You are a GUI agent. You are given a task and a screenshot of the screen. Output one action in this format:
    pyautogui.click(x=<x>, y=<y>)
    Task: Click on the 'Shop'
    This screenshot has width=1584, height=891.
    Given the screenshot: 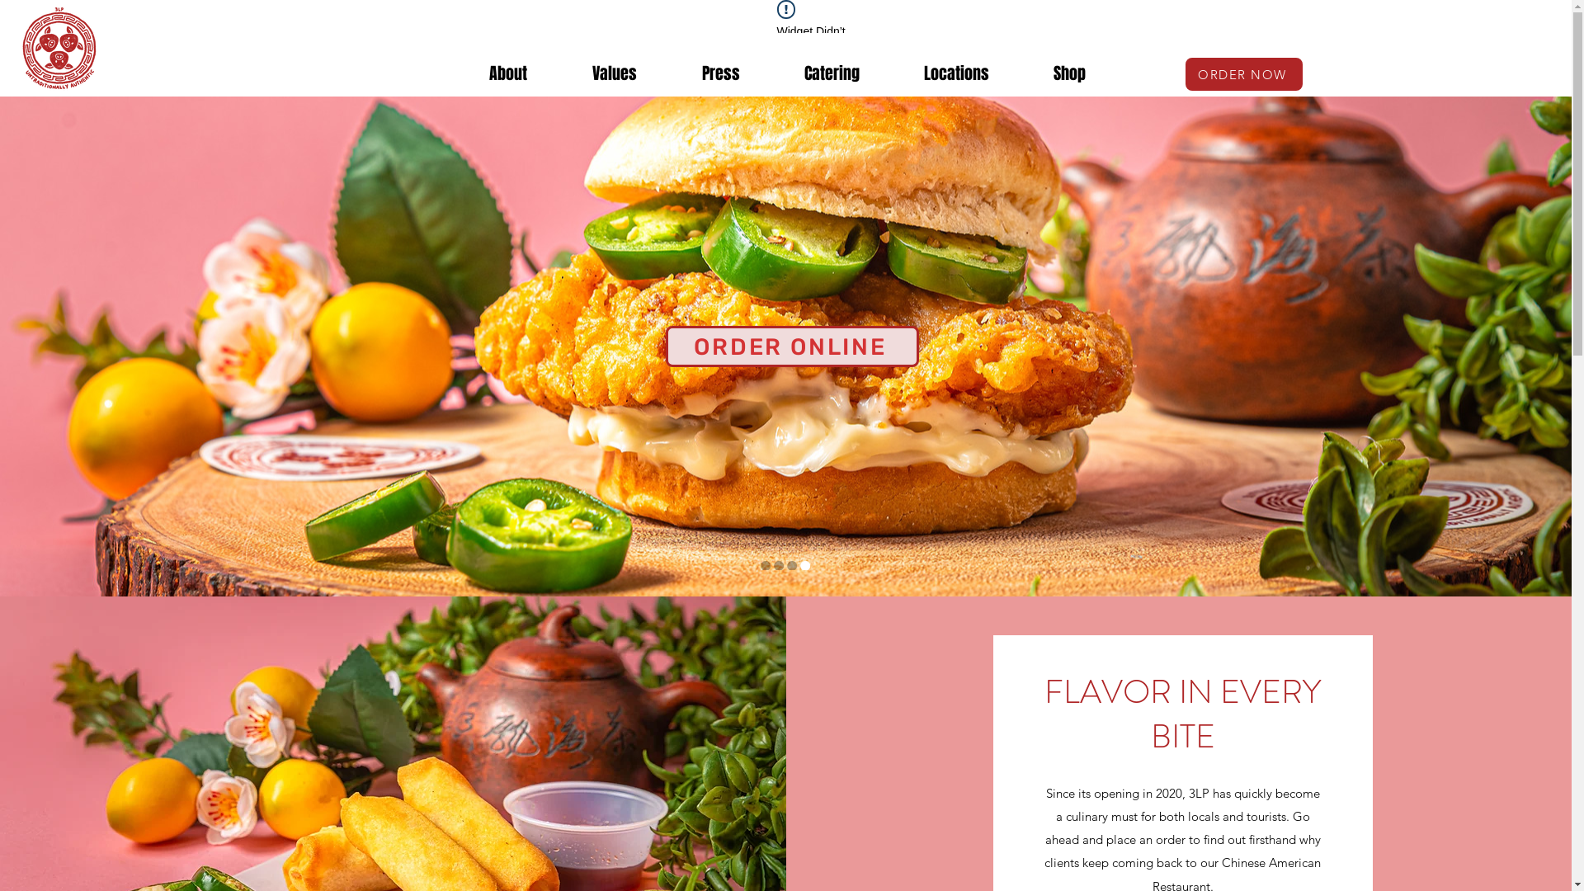 What is the action you would take?
    pyautogui.click(x=1069, y=72)
    